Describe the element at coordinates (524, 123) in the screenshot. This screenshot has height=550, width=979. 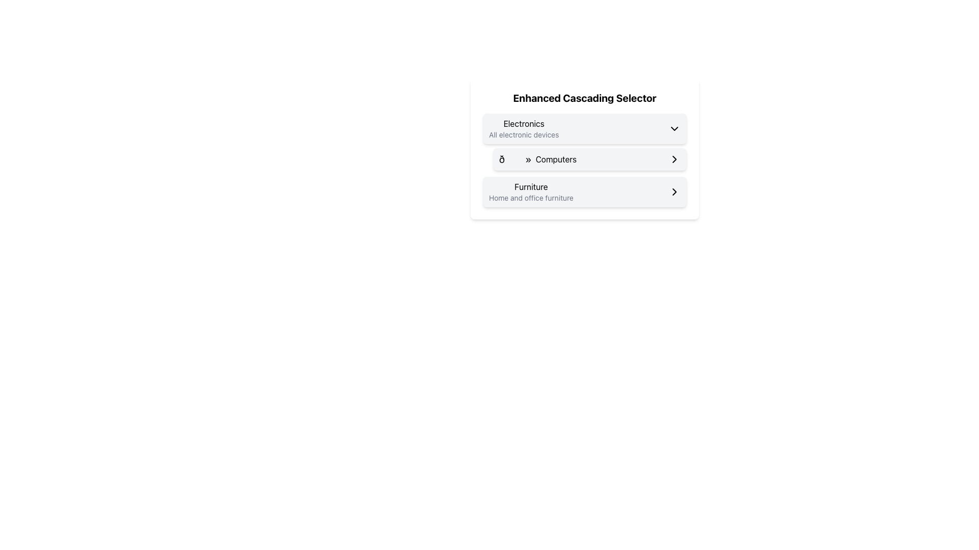
I see `the static text label displaying the category name 'Electronics' located in the top left section of the dropdown menu interface` at that location.